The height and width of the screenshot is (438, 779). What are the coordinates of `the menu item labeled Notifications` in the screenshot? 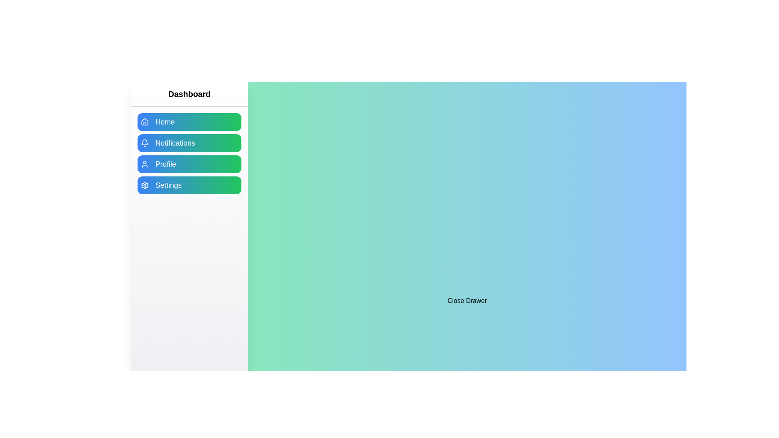 It's located at (189, 143).